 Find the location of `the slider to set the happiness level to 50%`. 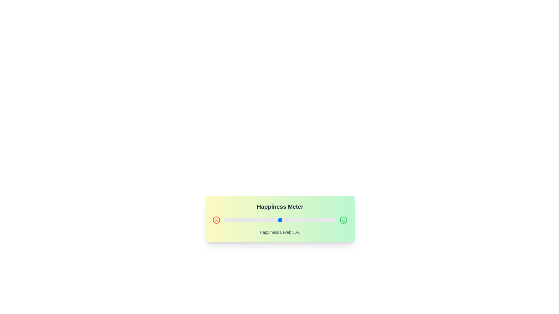

the slider to set the happiness level to 50% is located at coordinates (280, 220).